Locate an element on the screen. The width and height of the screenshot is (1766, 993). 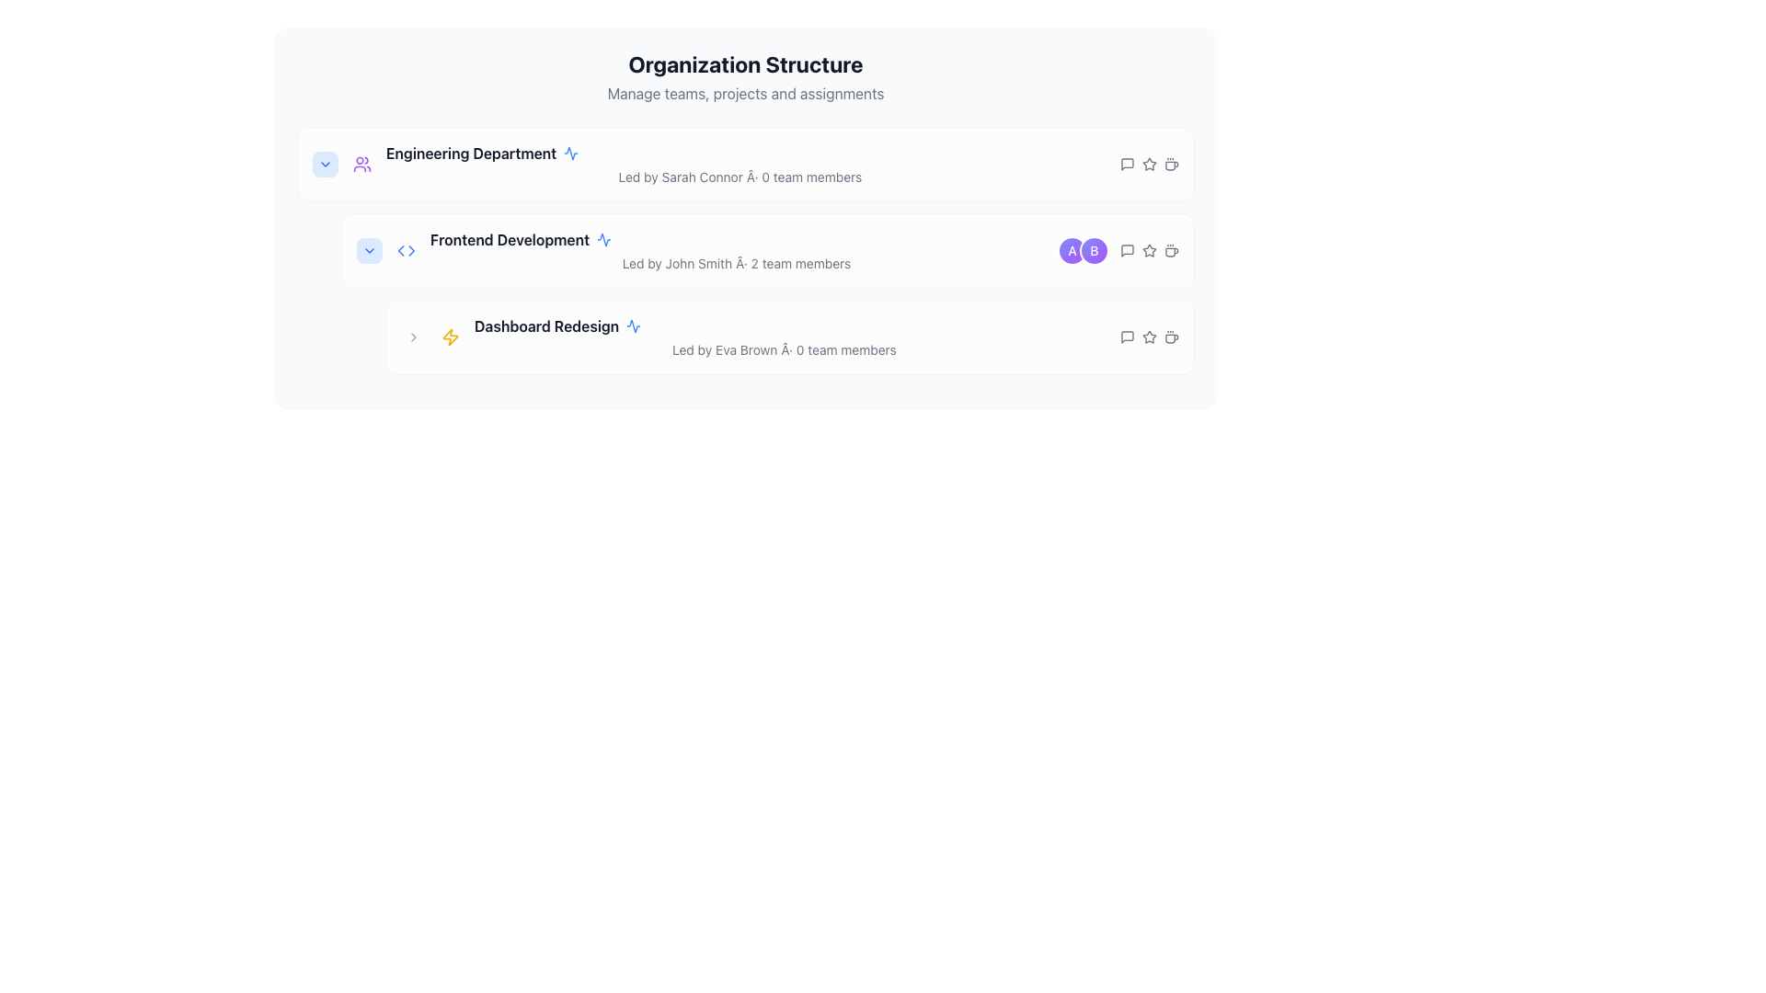
the static text element that reads 'Manage teams, projects and assignments', which is located directly beneath the bold header 'Organization Structure' is located at coordinates (746, 93).